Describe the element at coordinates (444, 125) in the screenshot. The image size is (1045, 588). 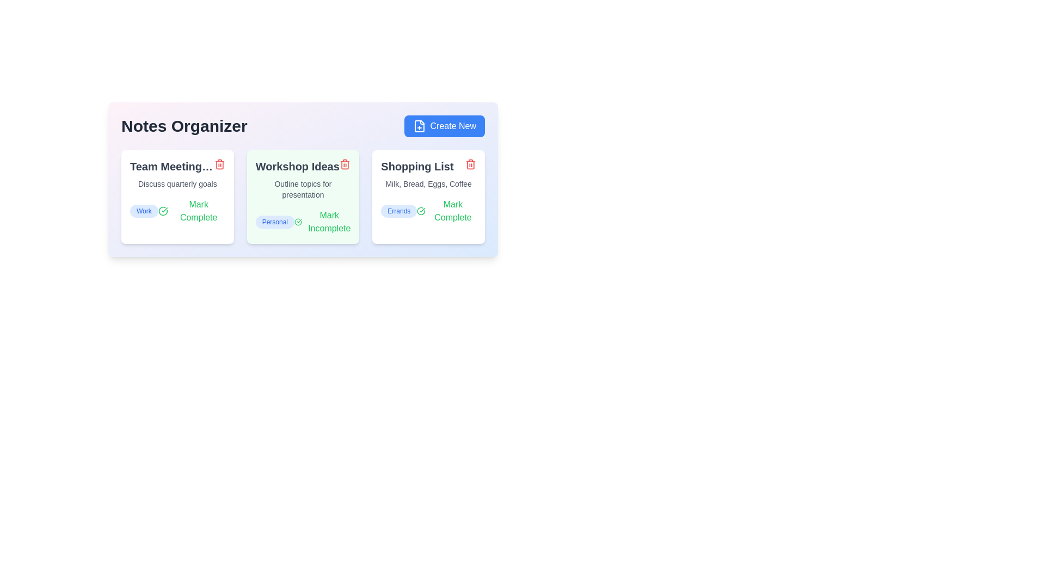
I see `the 'Create New' button to initiate the creation of a new note` at that location.